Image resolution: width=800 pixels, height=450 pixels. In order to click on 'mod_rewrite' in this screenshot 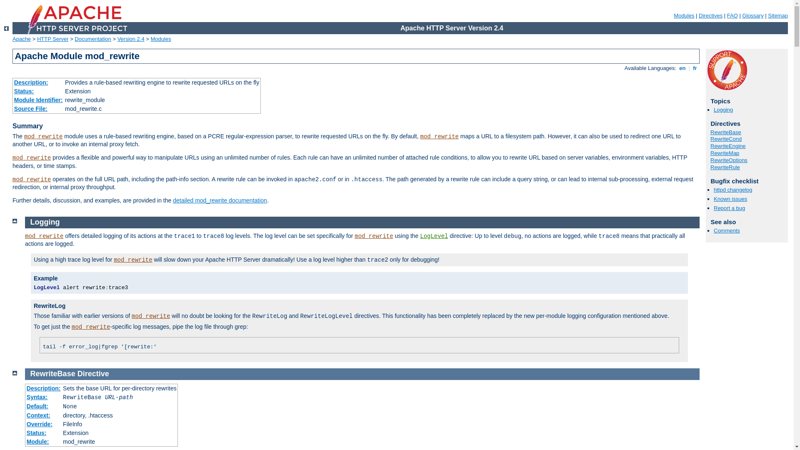, I will do `click(43, 136)`.